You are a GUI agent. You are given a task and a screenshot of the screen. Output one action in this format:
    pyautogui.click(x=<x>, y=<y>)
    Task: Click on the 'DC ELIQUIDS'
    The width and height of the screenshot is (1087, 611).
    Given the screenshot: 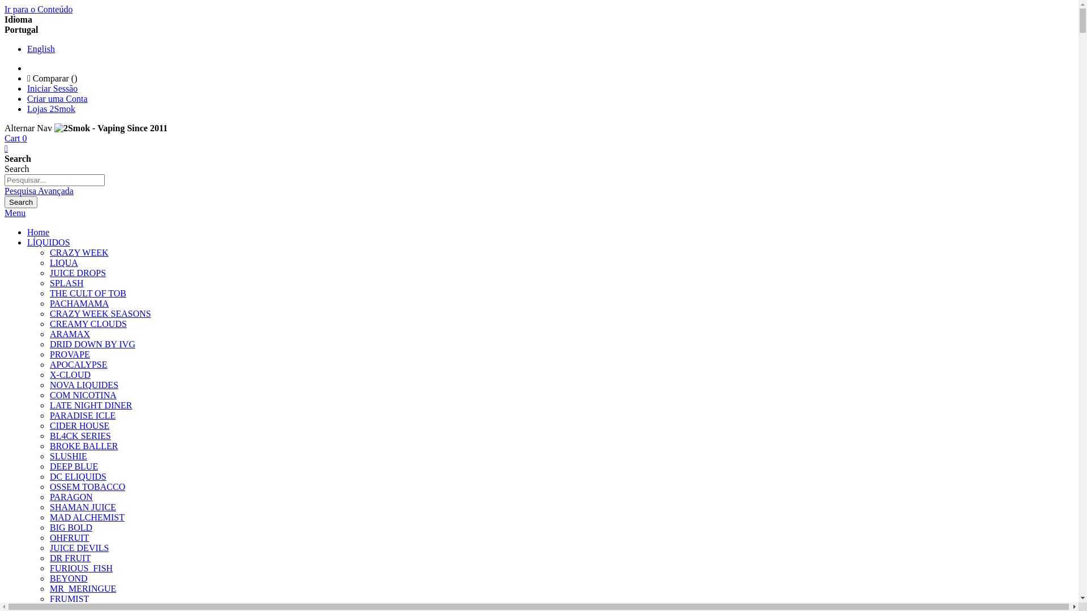 What is the action you would take?
    pyautogui.click(x=78, y=476)
    